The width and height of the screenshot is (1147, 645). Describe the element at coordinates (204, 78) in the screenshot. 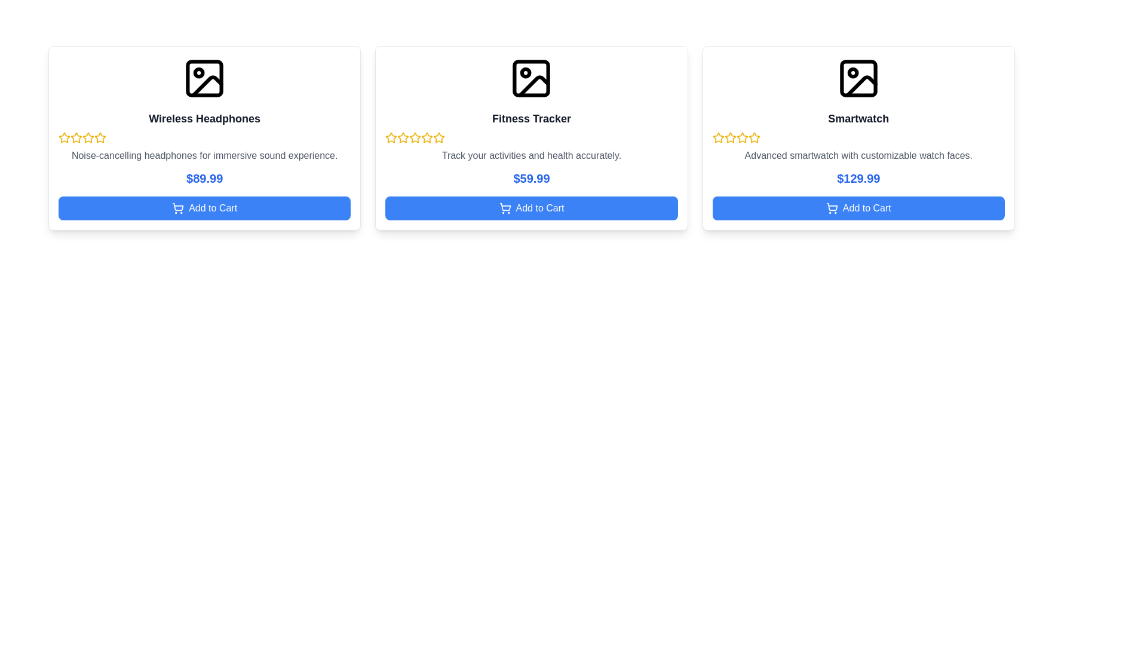

I see `the image placeholder representing 'Wireless Headphones', which is the topmost element in the product card layout` at that location.